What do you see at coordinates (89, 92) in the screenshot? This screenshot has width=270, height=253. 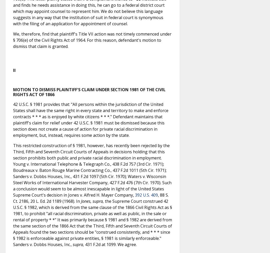 I see `'MOTION TO DISMISS PLAINTIFF'S CLAIM UNDER SECTION 1981 OF THE CIVIL RIGHTS ACT OF 1866'` at bounding box center [89, 92].